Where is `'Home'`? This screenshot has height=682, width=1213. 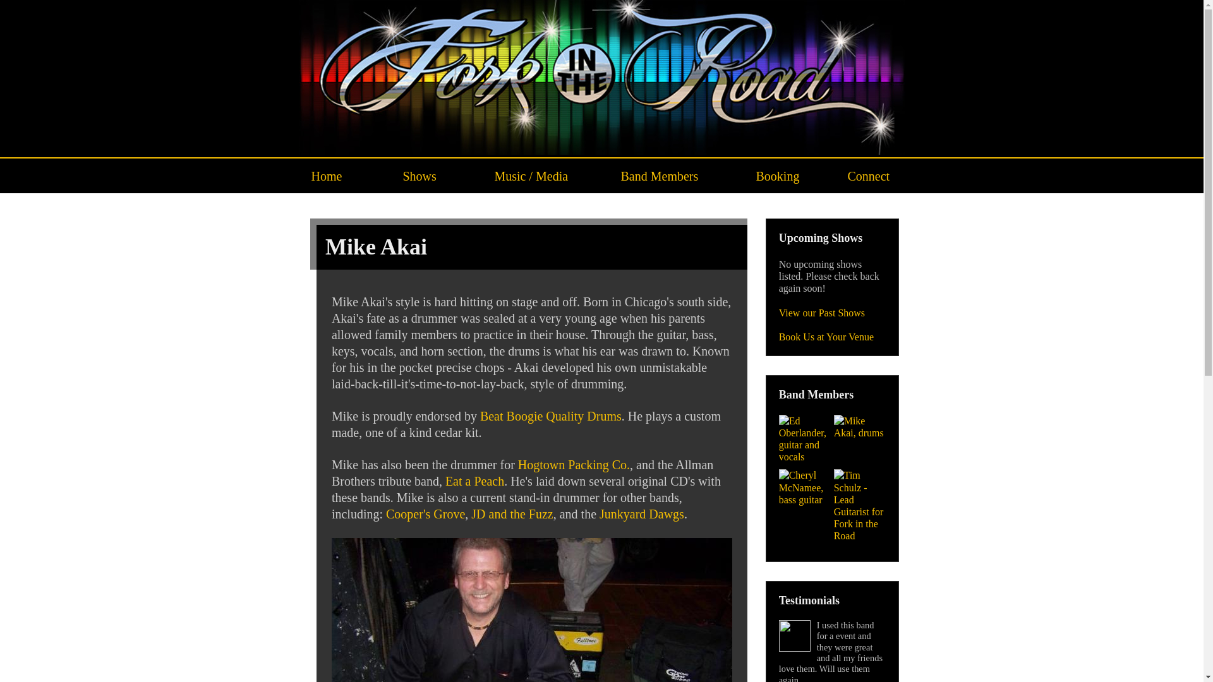 'Home' is located at coordinates (344, 176).